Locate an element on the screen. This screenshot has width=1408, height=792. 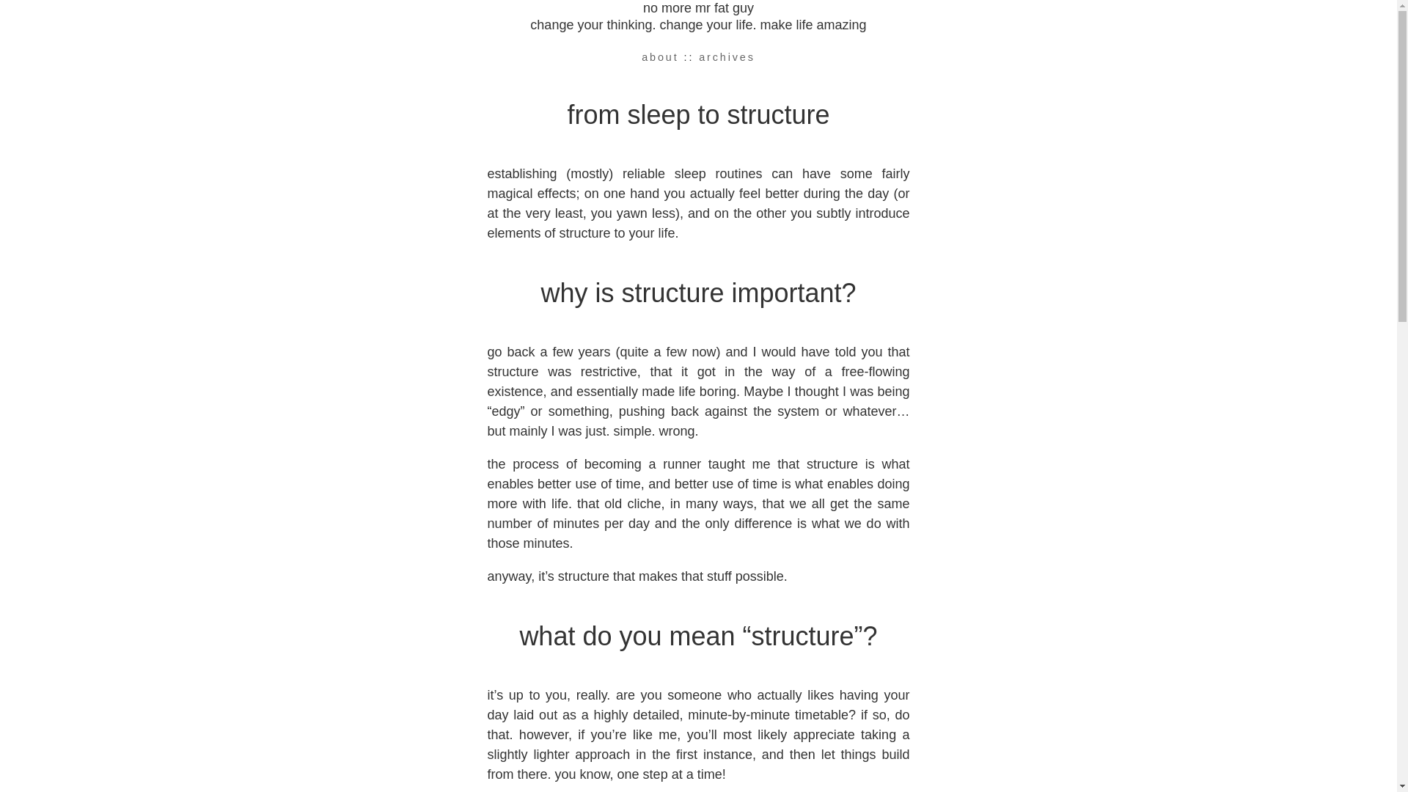
'no more mr fat guy' is located at coordinates (697, 8).